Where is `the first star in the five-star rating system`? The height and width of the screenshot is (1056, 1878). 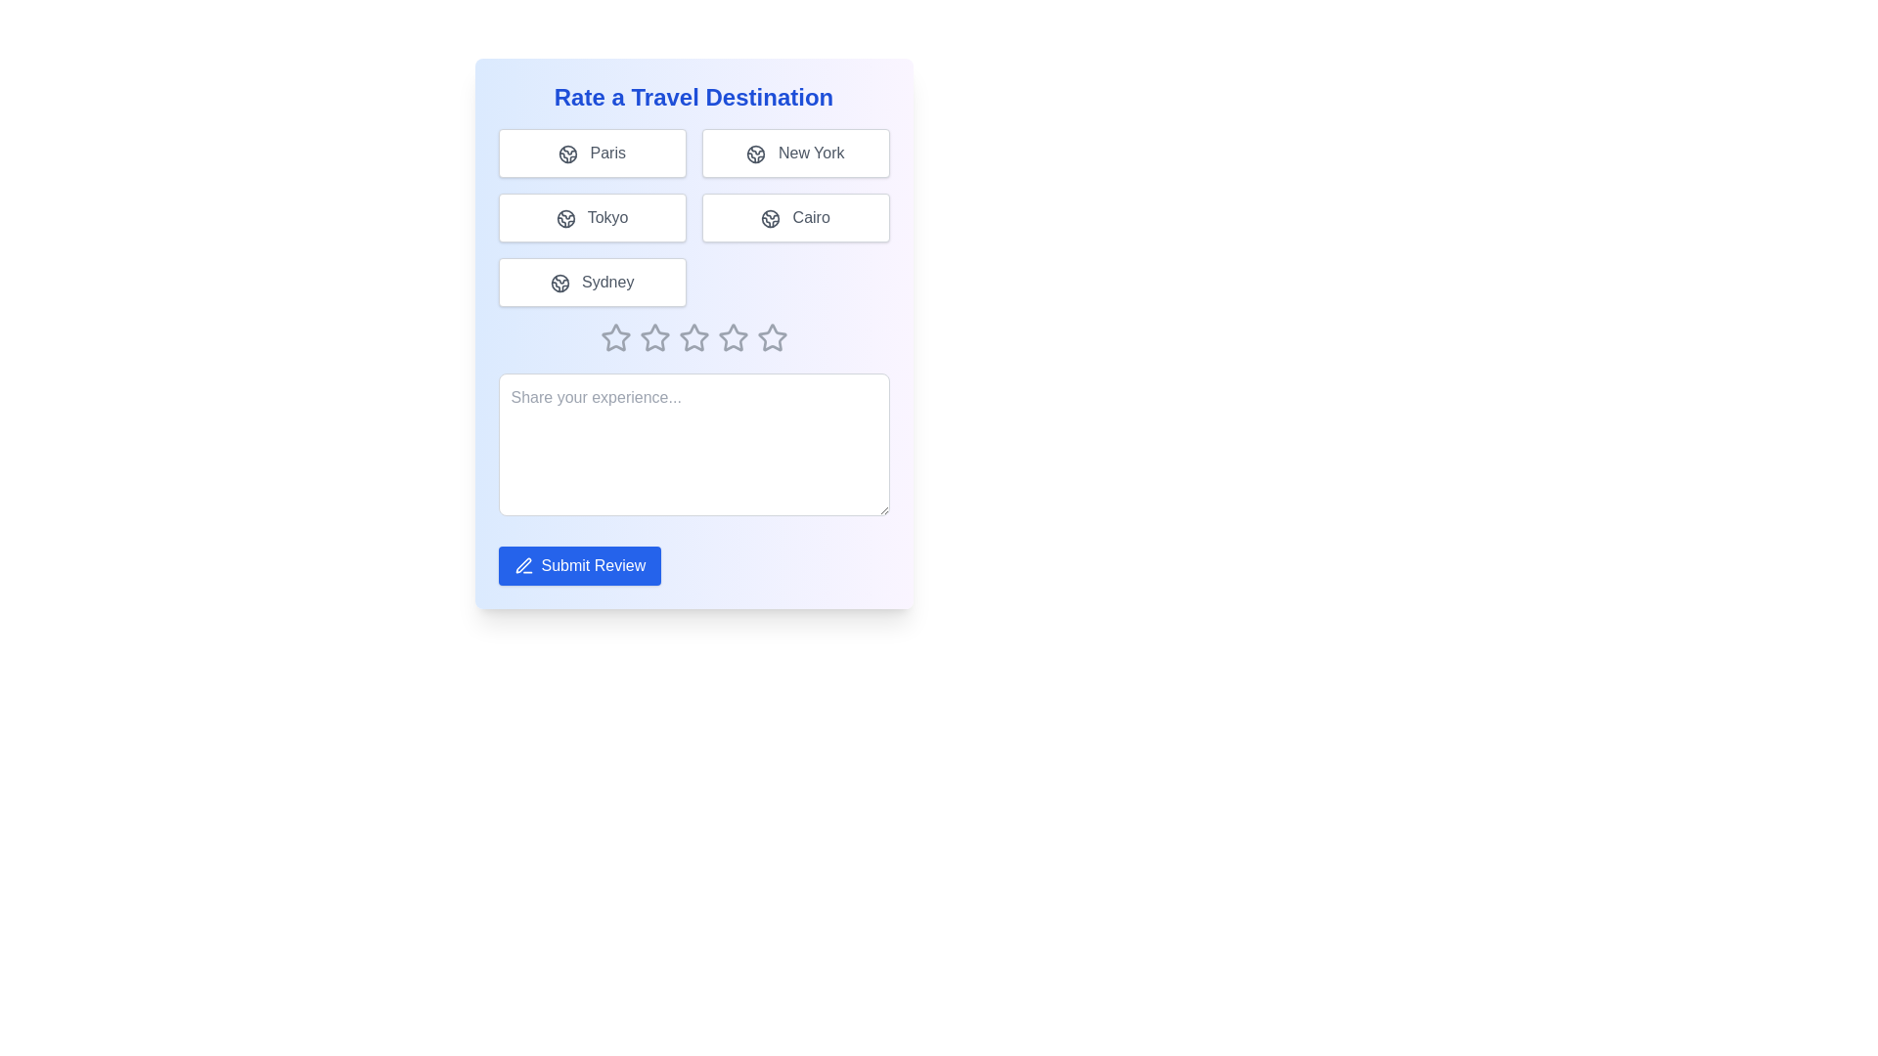
the first star in the five-star rating system is located at coordinates (614, 336).